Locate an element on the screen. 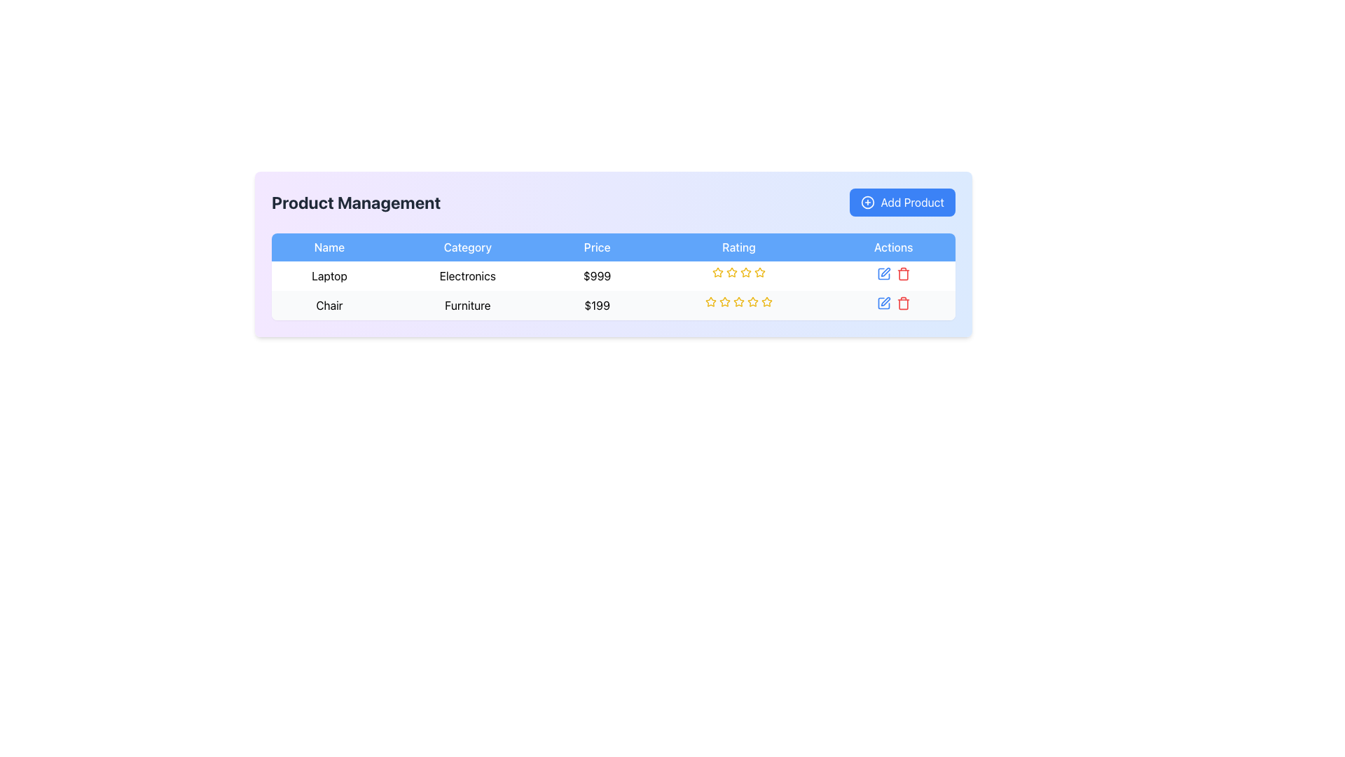  the yellow star icon is located at coordinates (759, 272).